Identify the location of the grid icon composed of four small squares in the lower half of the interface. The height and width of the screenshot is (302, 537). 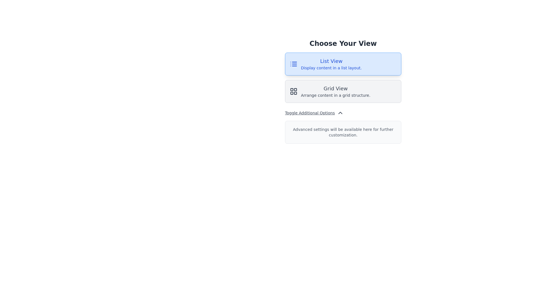
(293, 91).